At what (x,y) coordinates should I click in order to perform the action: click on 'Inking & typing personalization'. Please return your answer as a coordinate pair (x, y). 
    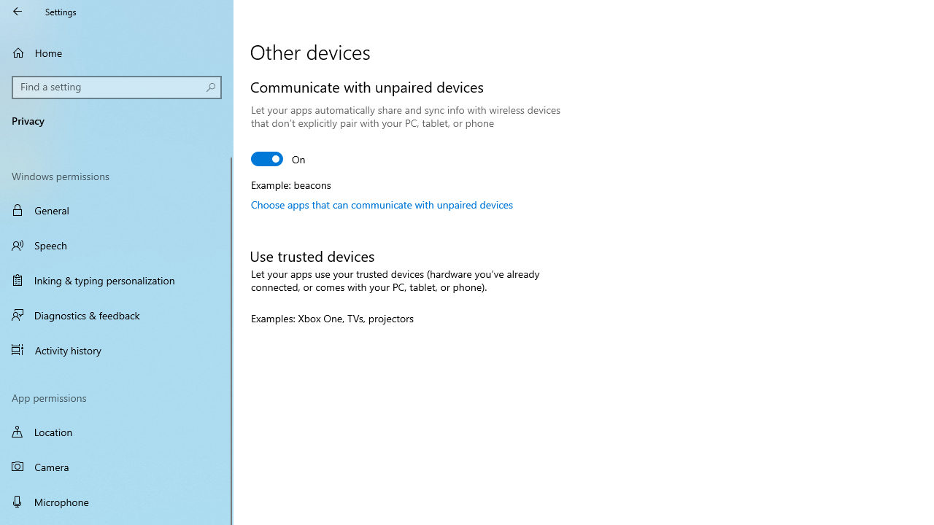
    Looking at the image, I should click on (117, 280).